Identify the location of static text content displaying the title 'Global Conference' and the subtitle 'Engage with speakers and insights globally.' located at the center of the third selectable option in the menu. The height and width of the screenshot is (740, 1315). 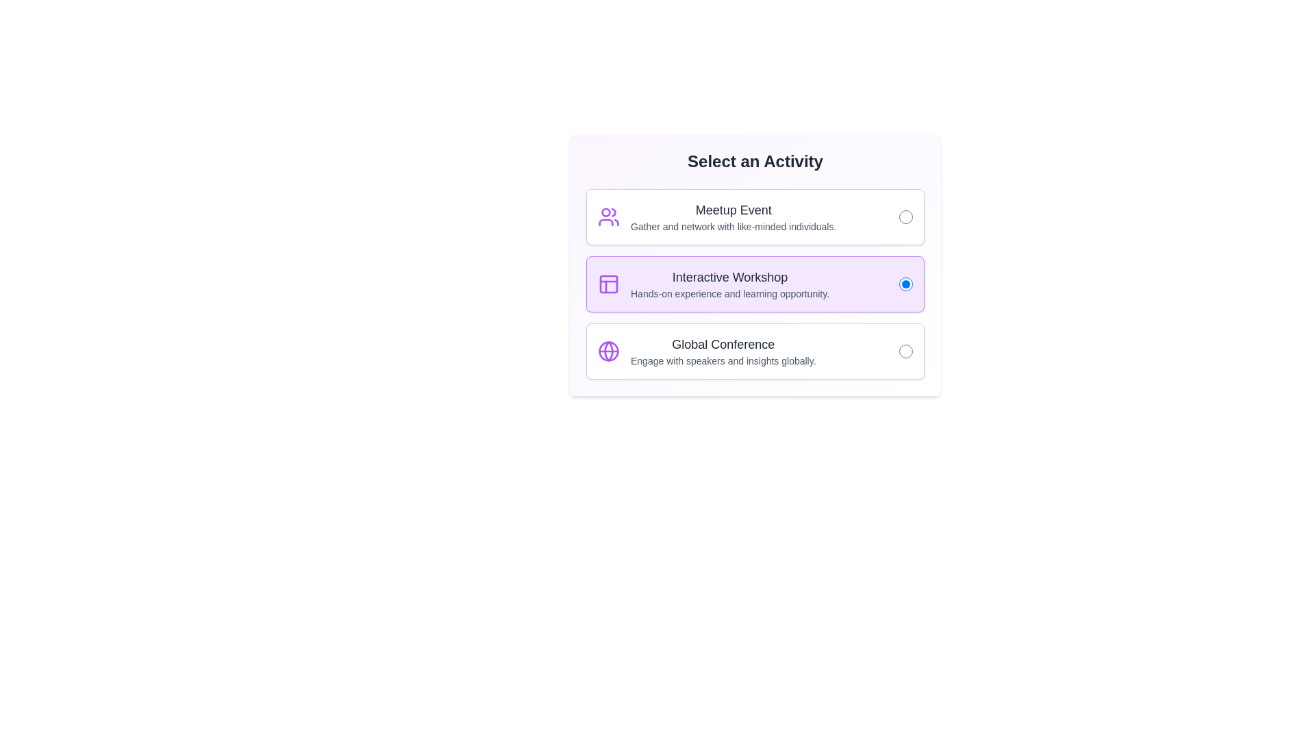
(723, 351).